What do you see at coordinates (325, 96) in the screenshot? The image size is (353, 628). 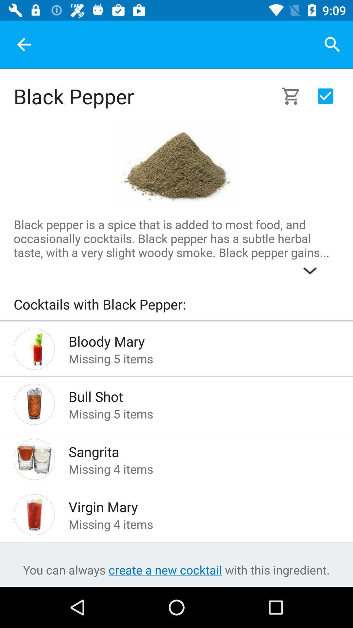 I see `the second option to the right of pepper` at bounding box center [325, 96].